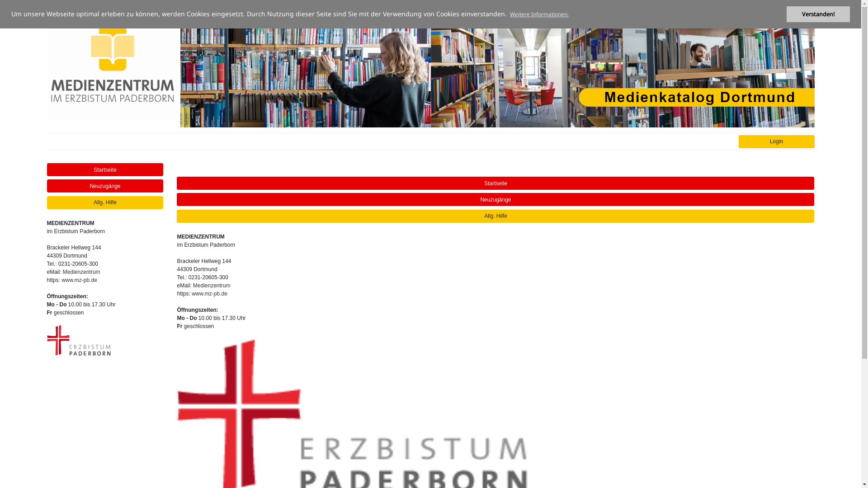  Describe the element at coordinates (818, 14) in the screenshot. I see `'Verstanden!'` at that location.